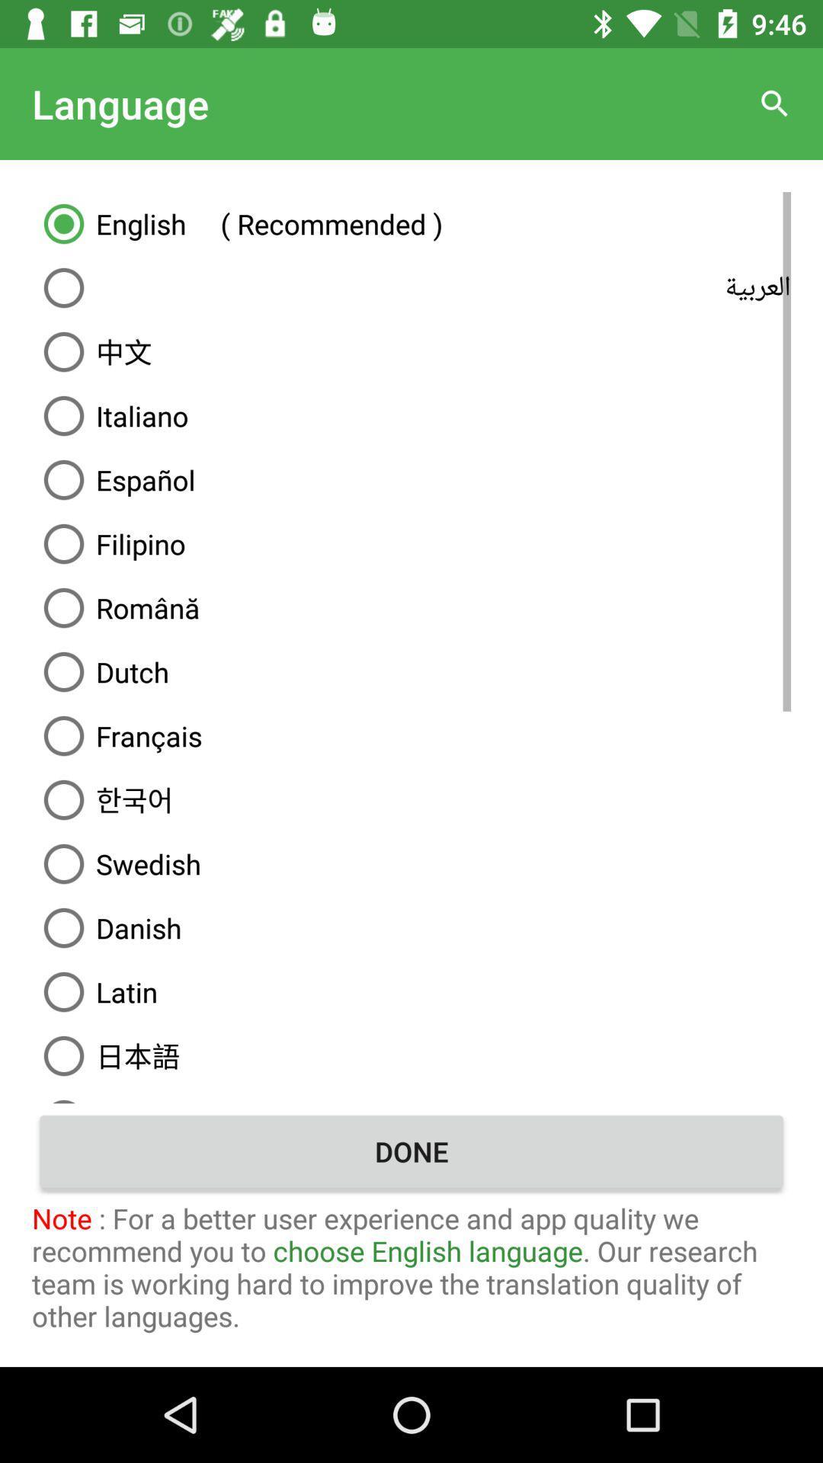 The image size is (823, 1463). What do you see at coordinates (411, 735) in the screenshot?
I see `the option below dutch` at bounding box center [411, 735].